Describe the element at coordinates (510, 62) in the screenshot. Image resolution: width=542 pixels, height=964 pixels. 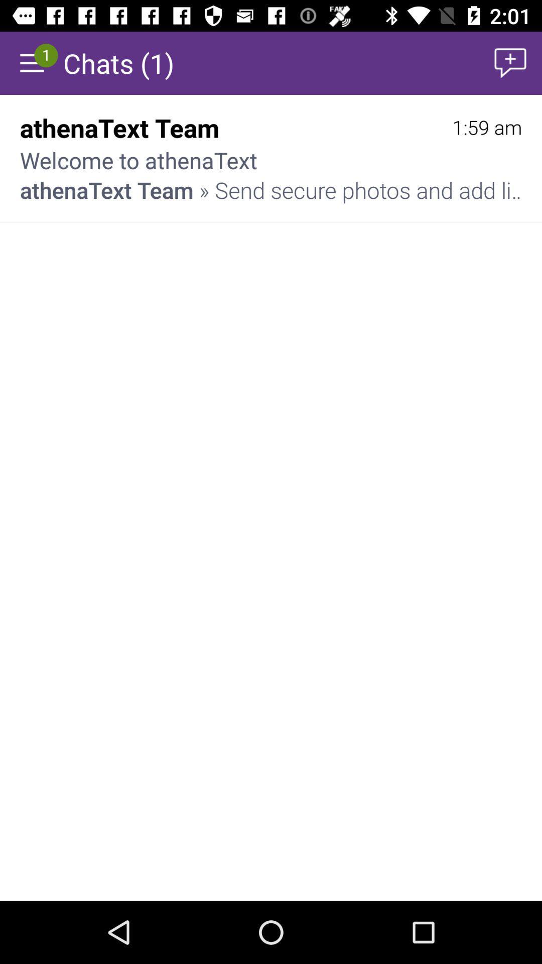
I see `icon next to chats (1)` at that location.